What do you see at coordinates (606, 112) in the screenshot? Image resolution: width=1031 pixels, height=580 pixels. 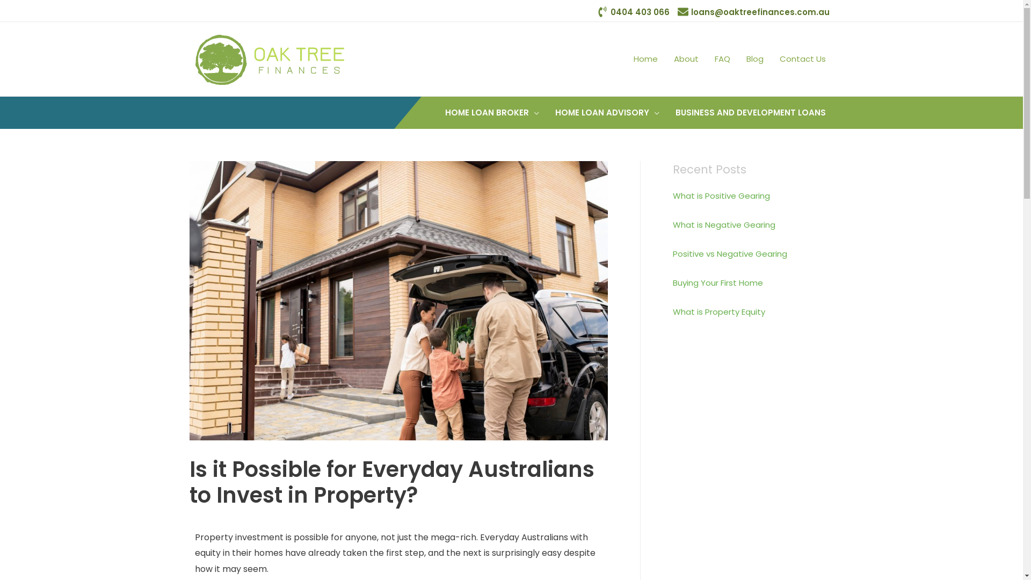 I see `'HOME LOAN ADVISORY'` at bounding box center [606, 112].